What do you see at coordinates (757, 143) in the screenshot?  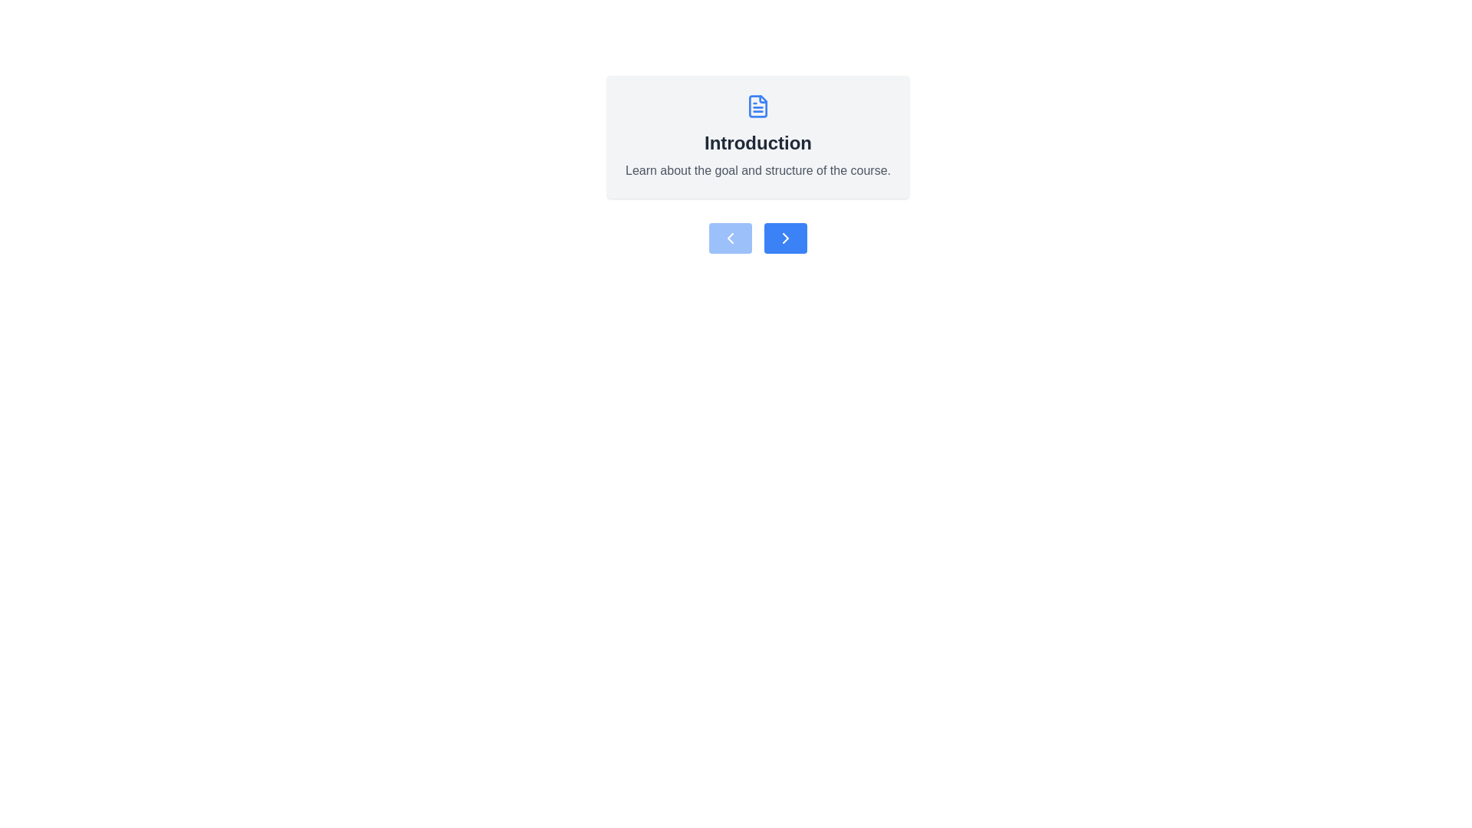 I see `the text label reading 'Introduction', which is displayed in bold and large font, centered within a light gray panel, located below a document icon and above a smaller descriptive text element` at bounding box center [757, 143].